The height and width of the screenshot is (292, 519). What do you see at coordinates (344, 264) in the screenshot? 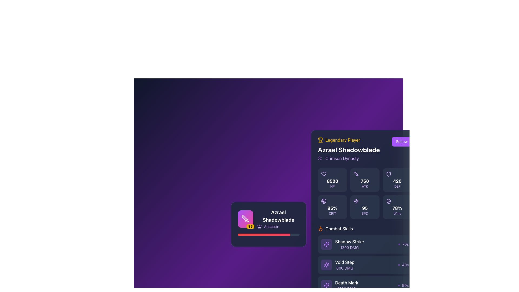
I see `the information displayed for the combat skill 'Void Step' with damage '800 DMG' in the 'Combat Skills' section of the right-side card` at bounding box center [344, 264].